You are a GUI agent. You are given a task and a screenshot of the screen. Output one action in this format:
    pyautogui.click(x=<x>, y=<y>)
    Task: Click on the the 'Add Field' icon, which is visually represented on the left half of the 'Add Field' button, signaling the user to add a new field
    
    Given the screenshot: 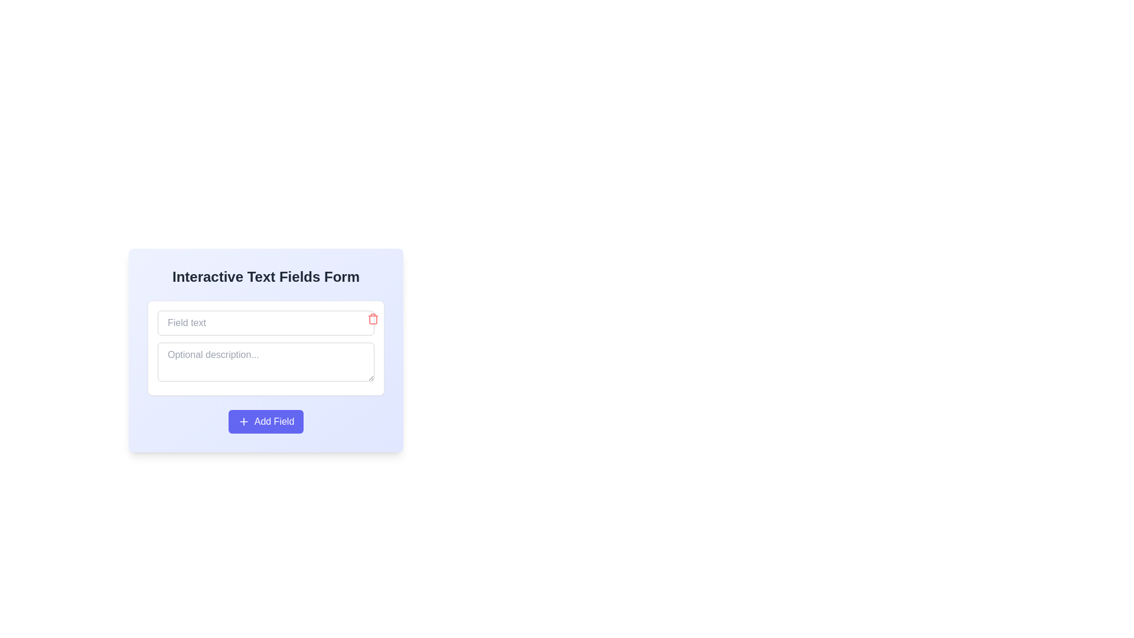 What is the action you would take?
    pyautogui.click(x=243, y=421)
    